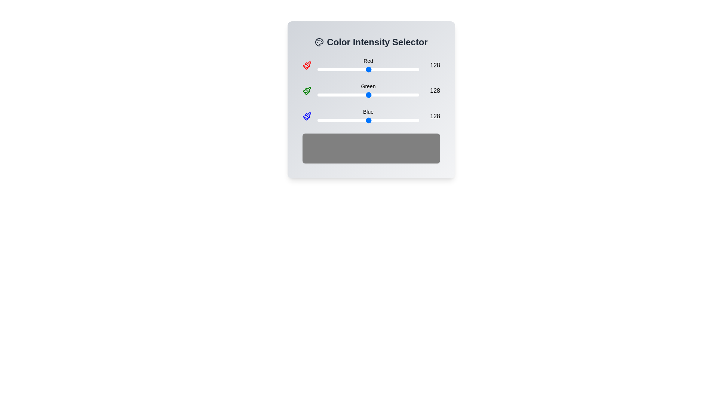 Image resolution: width=718 pixels, height=404 pixels. Describe the element at coordinates (361, 95) in the screenshot. I see `the green color intensity` at that location.